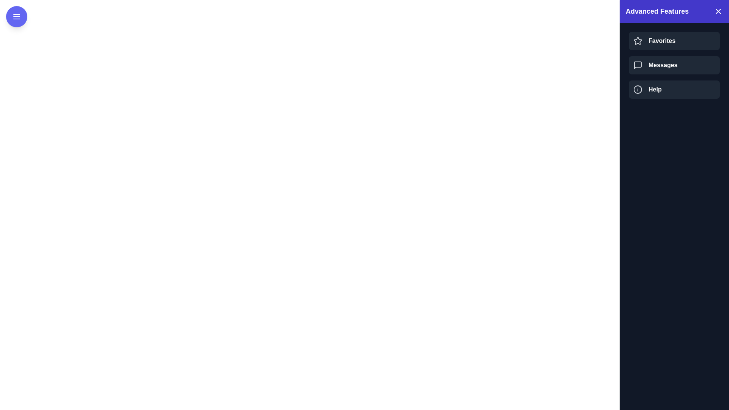  What do you see at coordinates (718, 11) in the screenshot?
I see `the close button in the drawer header to close the drawer` at bounding box center [718, 11].